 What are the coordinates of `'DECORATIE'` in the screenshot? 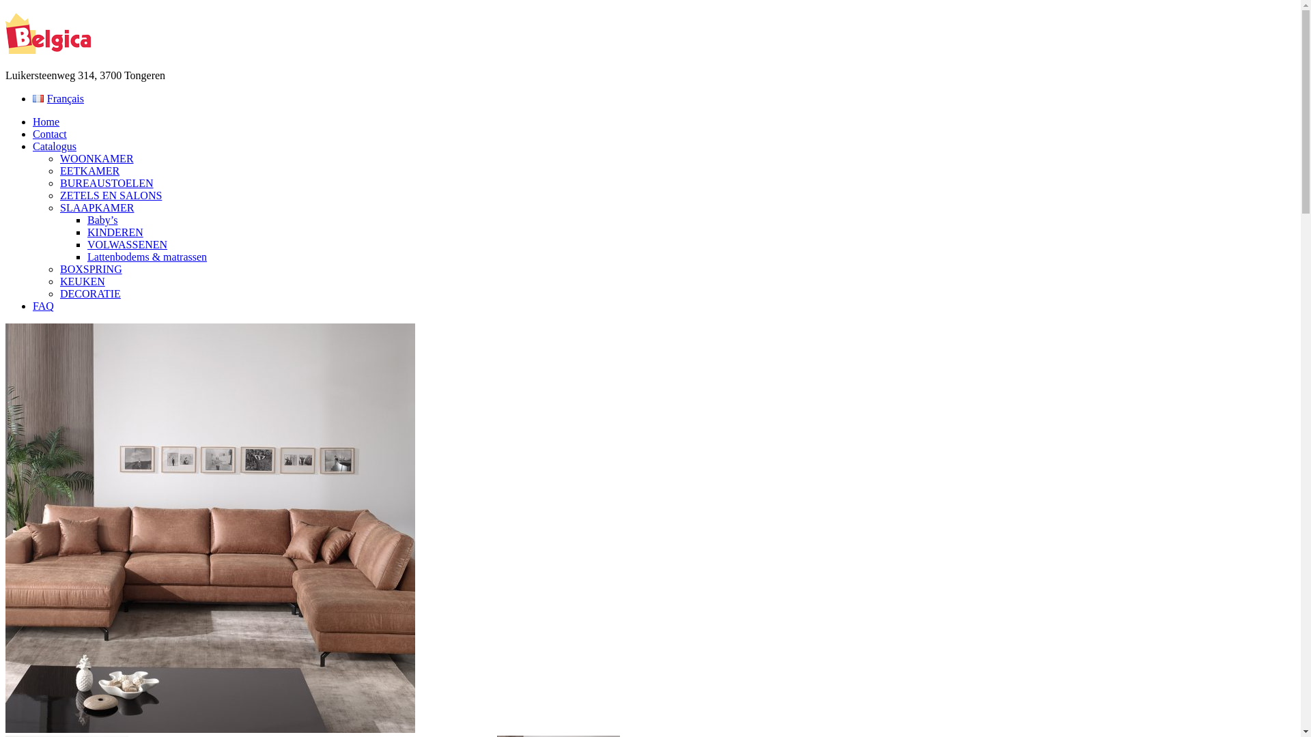 It's located at (89, 293).